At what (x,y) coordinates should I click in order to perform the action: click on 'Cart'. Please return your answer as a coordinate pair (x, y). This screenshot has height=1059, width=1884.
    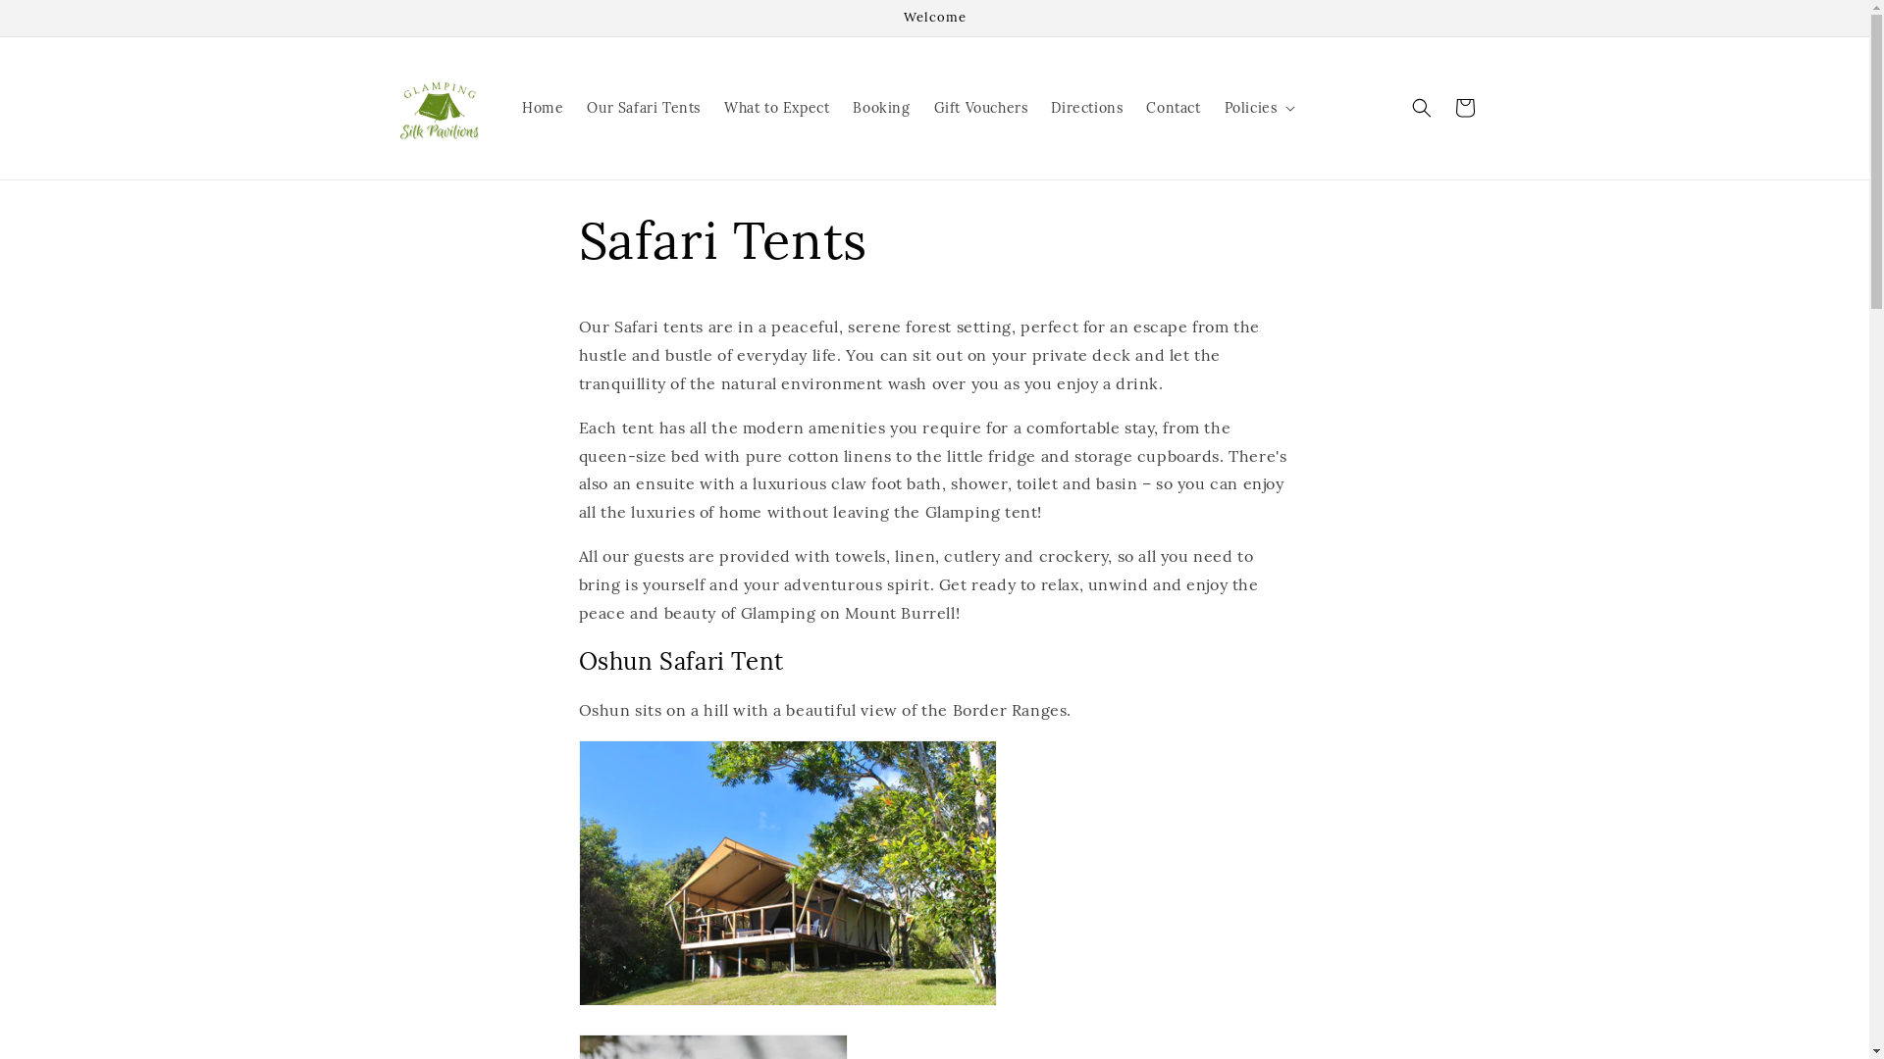
    Looking at the image, I should click on (1464, 108).